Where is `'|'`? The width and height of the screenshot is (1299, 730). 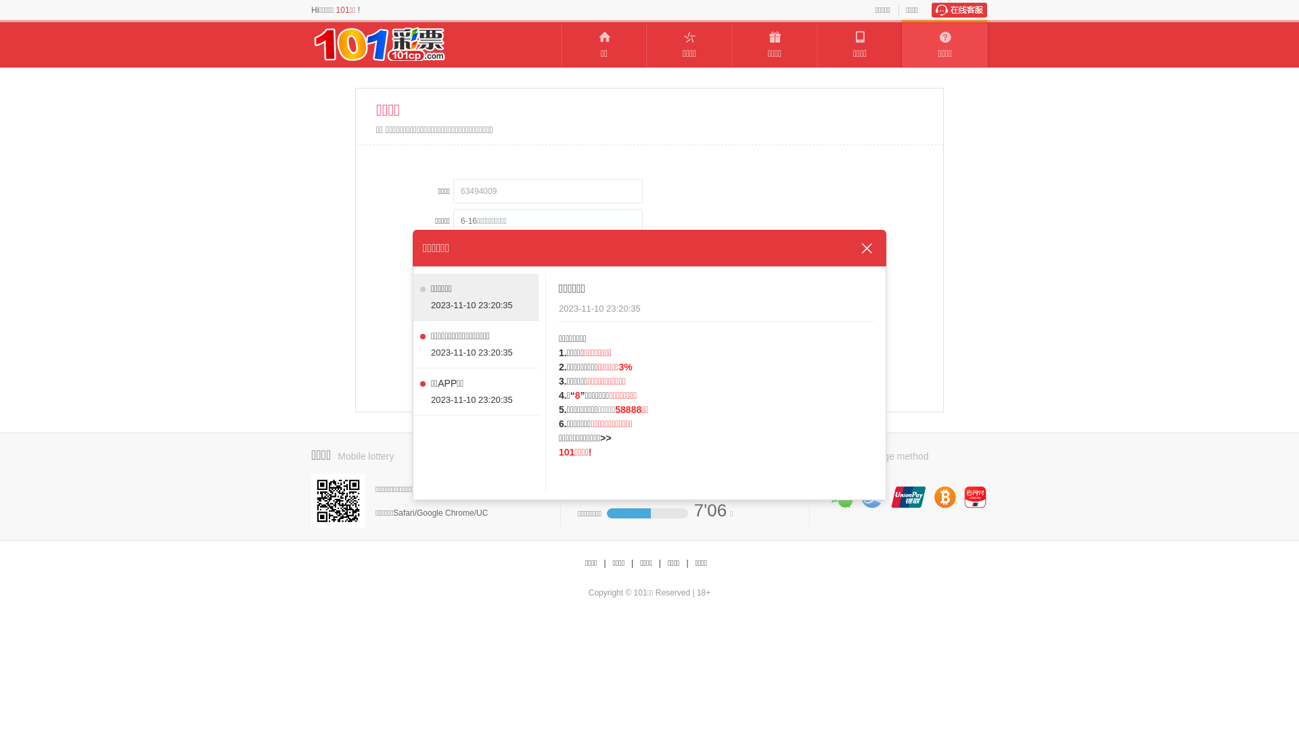
'|' is located at coordinates (660, 563).